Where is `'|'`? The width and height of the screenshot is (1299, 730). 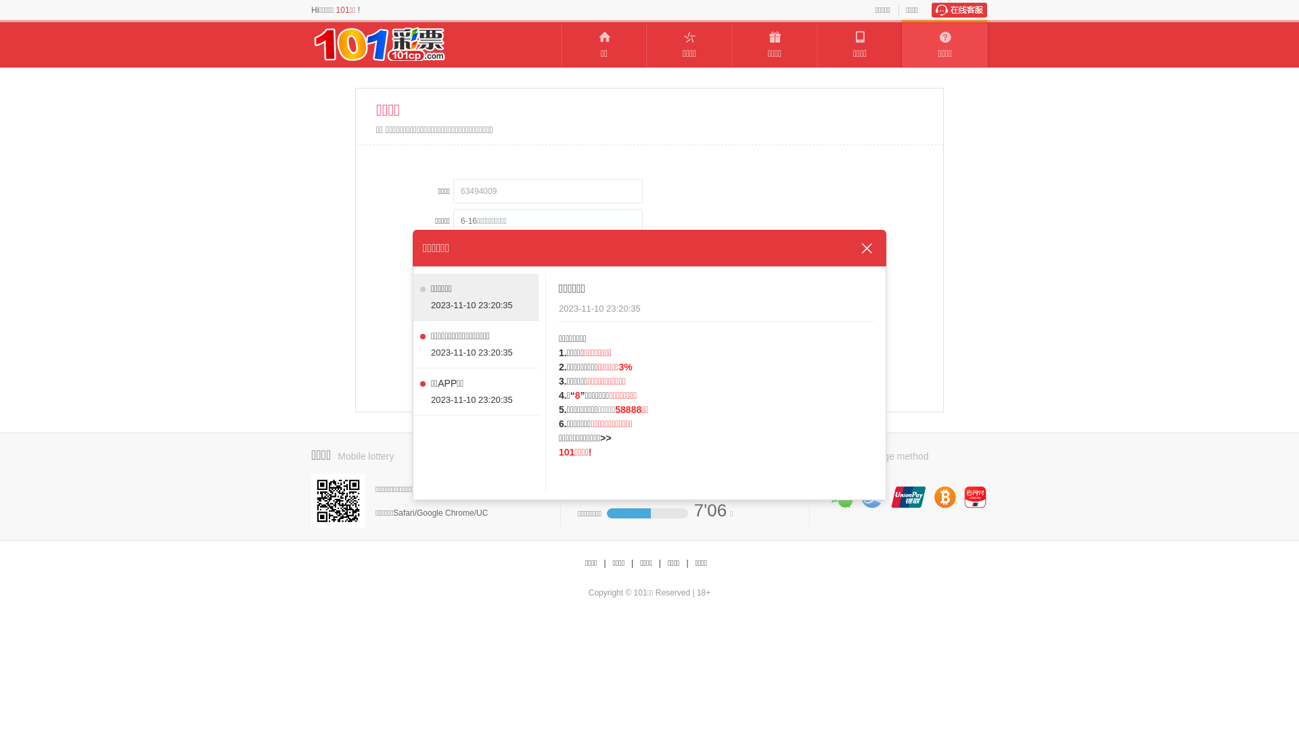
'|' is located at coordinates (660, 563).